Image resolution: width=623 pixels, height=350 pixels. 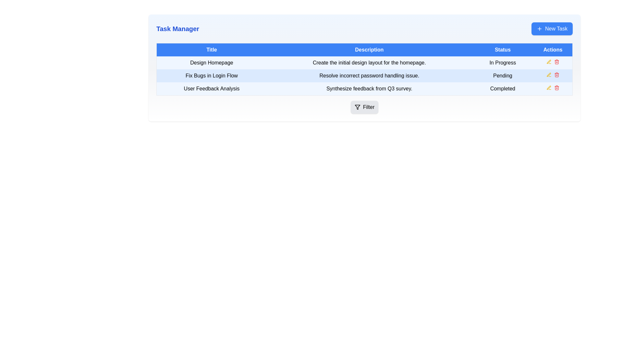 I want to click on the text label that indicates the purpose of the filter button located in the bottom right corner of the table interface, so click(x=369, y=107).